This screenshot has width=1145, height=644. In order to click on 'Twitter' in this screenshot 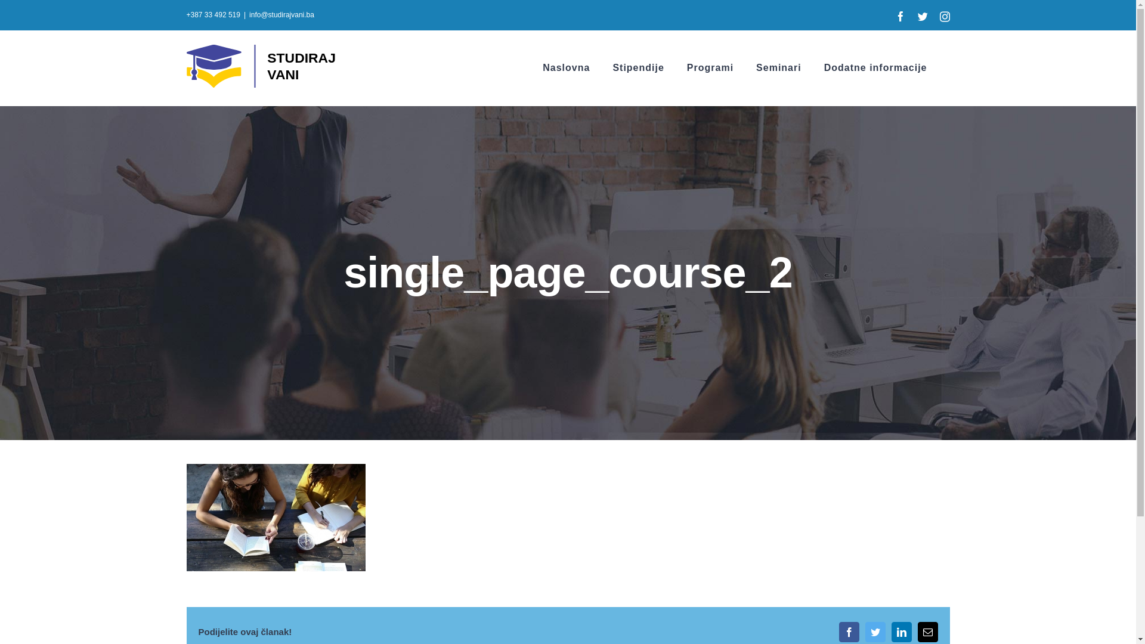, I will do `click(875, 631)`.